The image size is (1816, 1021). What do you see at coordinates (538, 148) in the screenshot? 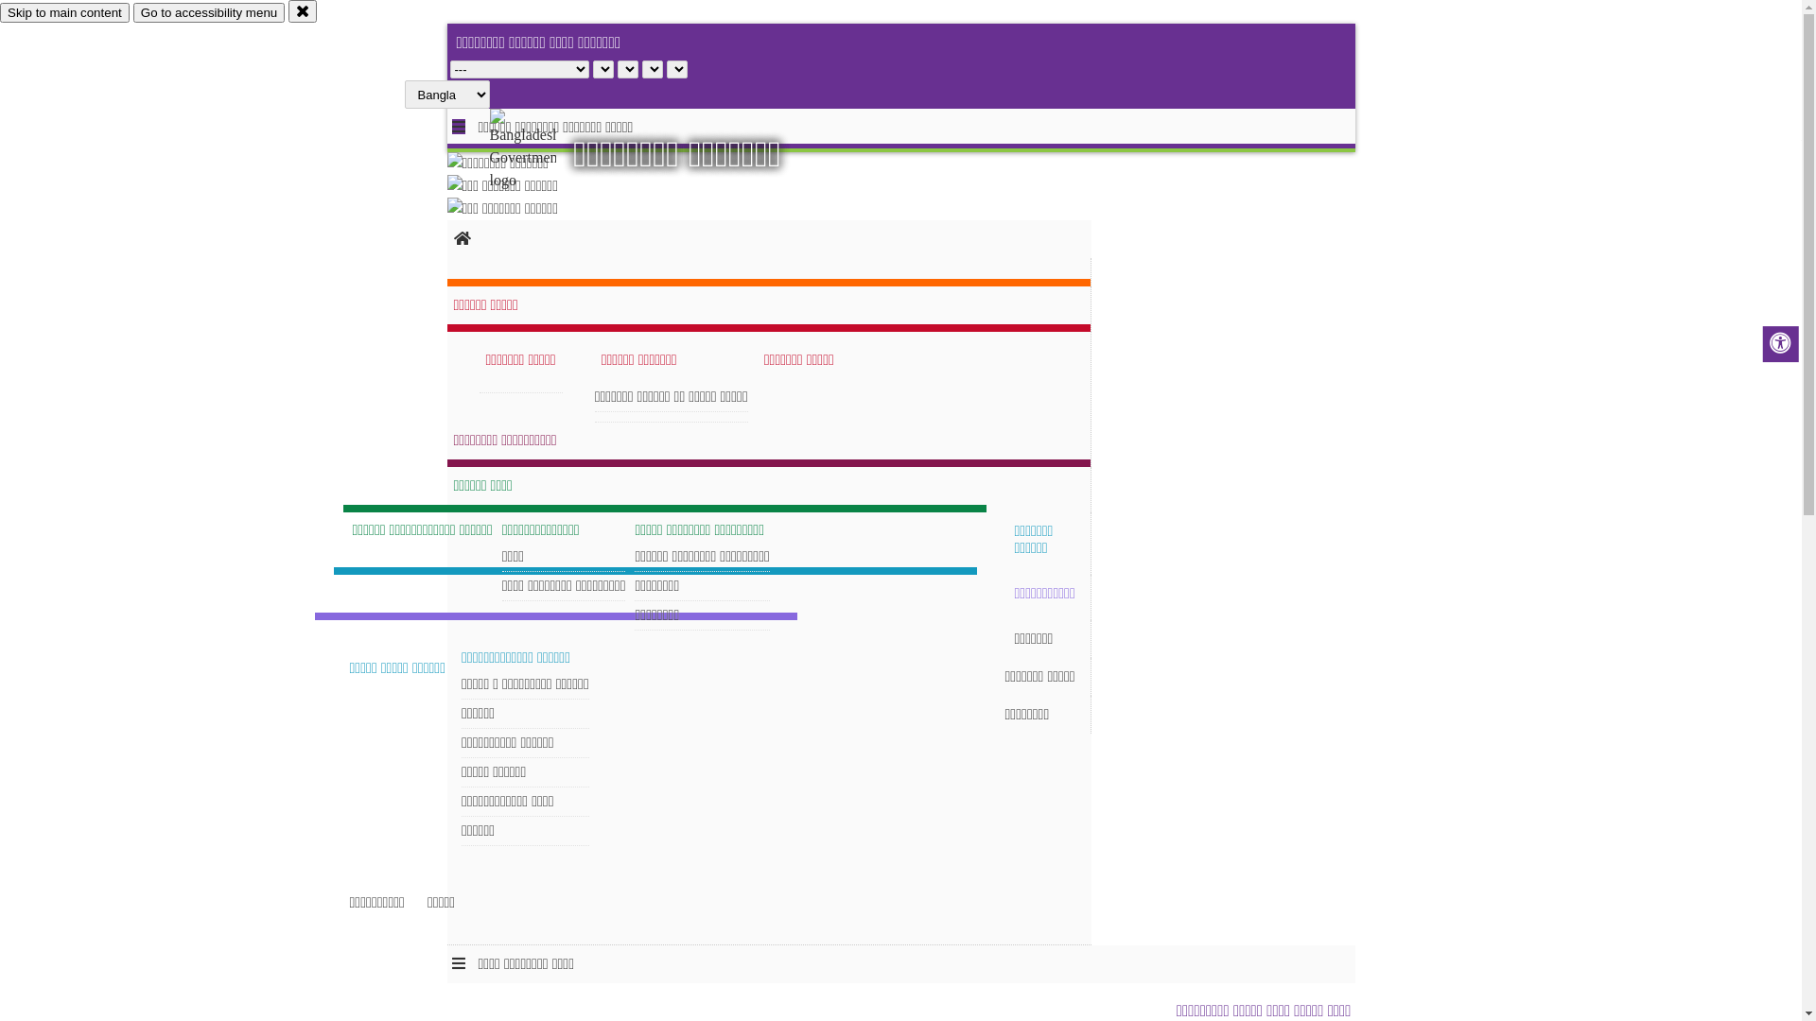
I see `'` at bounding box center [538, 148].